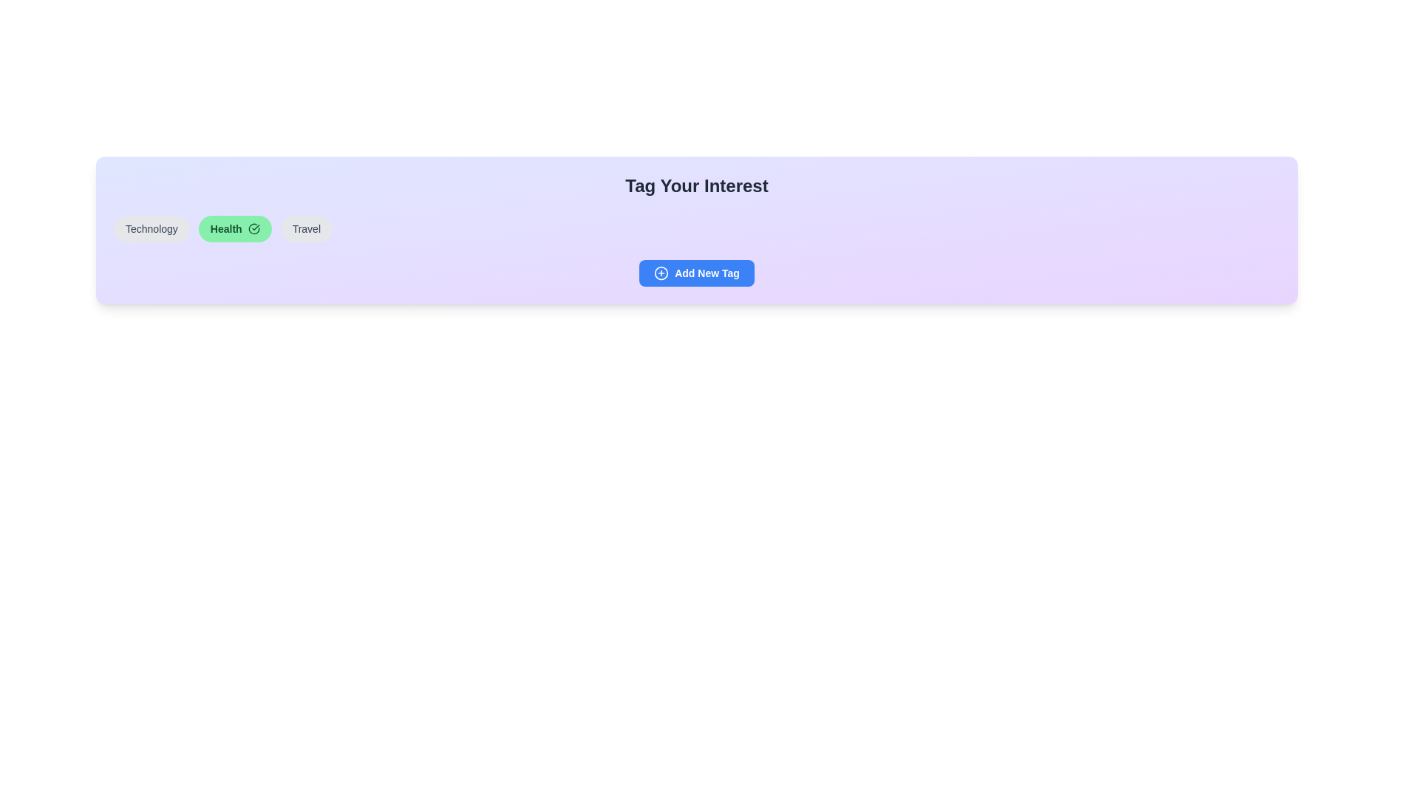 The height and width of the screenshot is (798, 1419). What do you see at coordinates (695, 273) in the screenshot?
I see `the 'Add New Tag' button, which has a blue background and white text` at bounding box center [695, 273].